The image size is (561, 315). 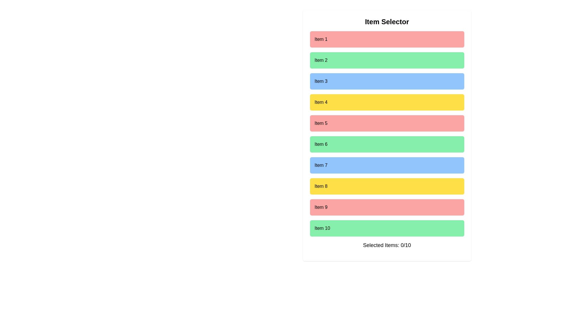 I want to click on the List item labeled 'Item 3' with a light blue background, which is the third item in a vertical list of ten items, so click(x=387, y=81).